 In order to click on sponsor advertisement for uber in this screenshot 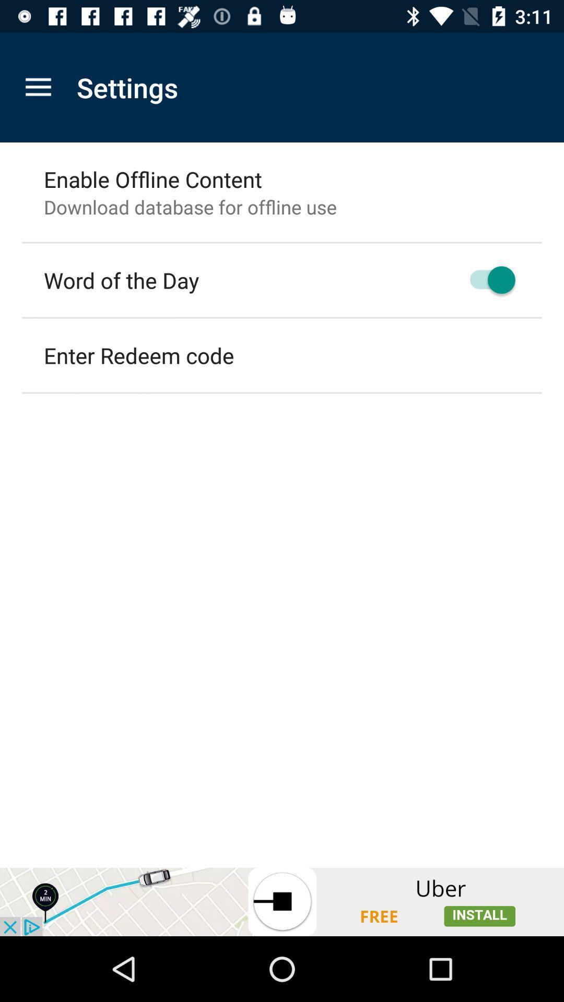, I will do `click(282, 901)`.